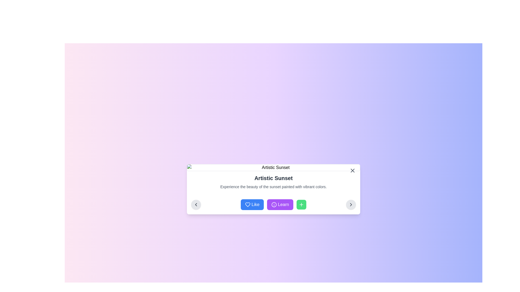  I want to click on the blue 'Like' button which contains a heart-shaped icon, so click(247, 204).